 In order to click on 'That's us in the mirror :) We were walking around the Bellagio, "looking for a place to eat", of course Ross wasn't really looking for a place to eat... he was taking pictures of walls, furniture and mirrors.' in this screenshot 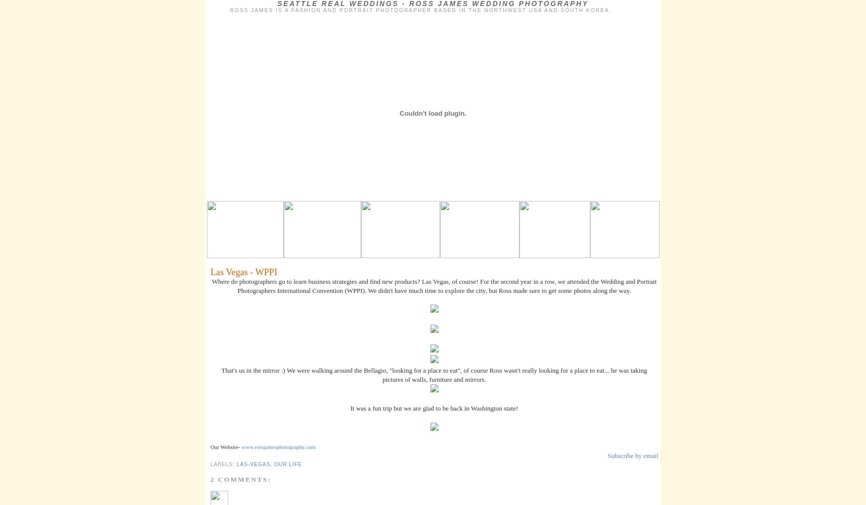, I will do `click(434, 374)`.